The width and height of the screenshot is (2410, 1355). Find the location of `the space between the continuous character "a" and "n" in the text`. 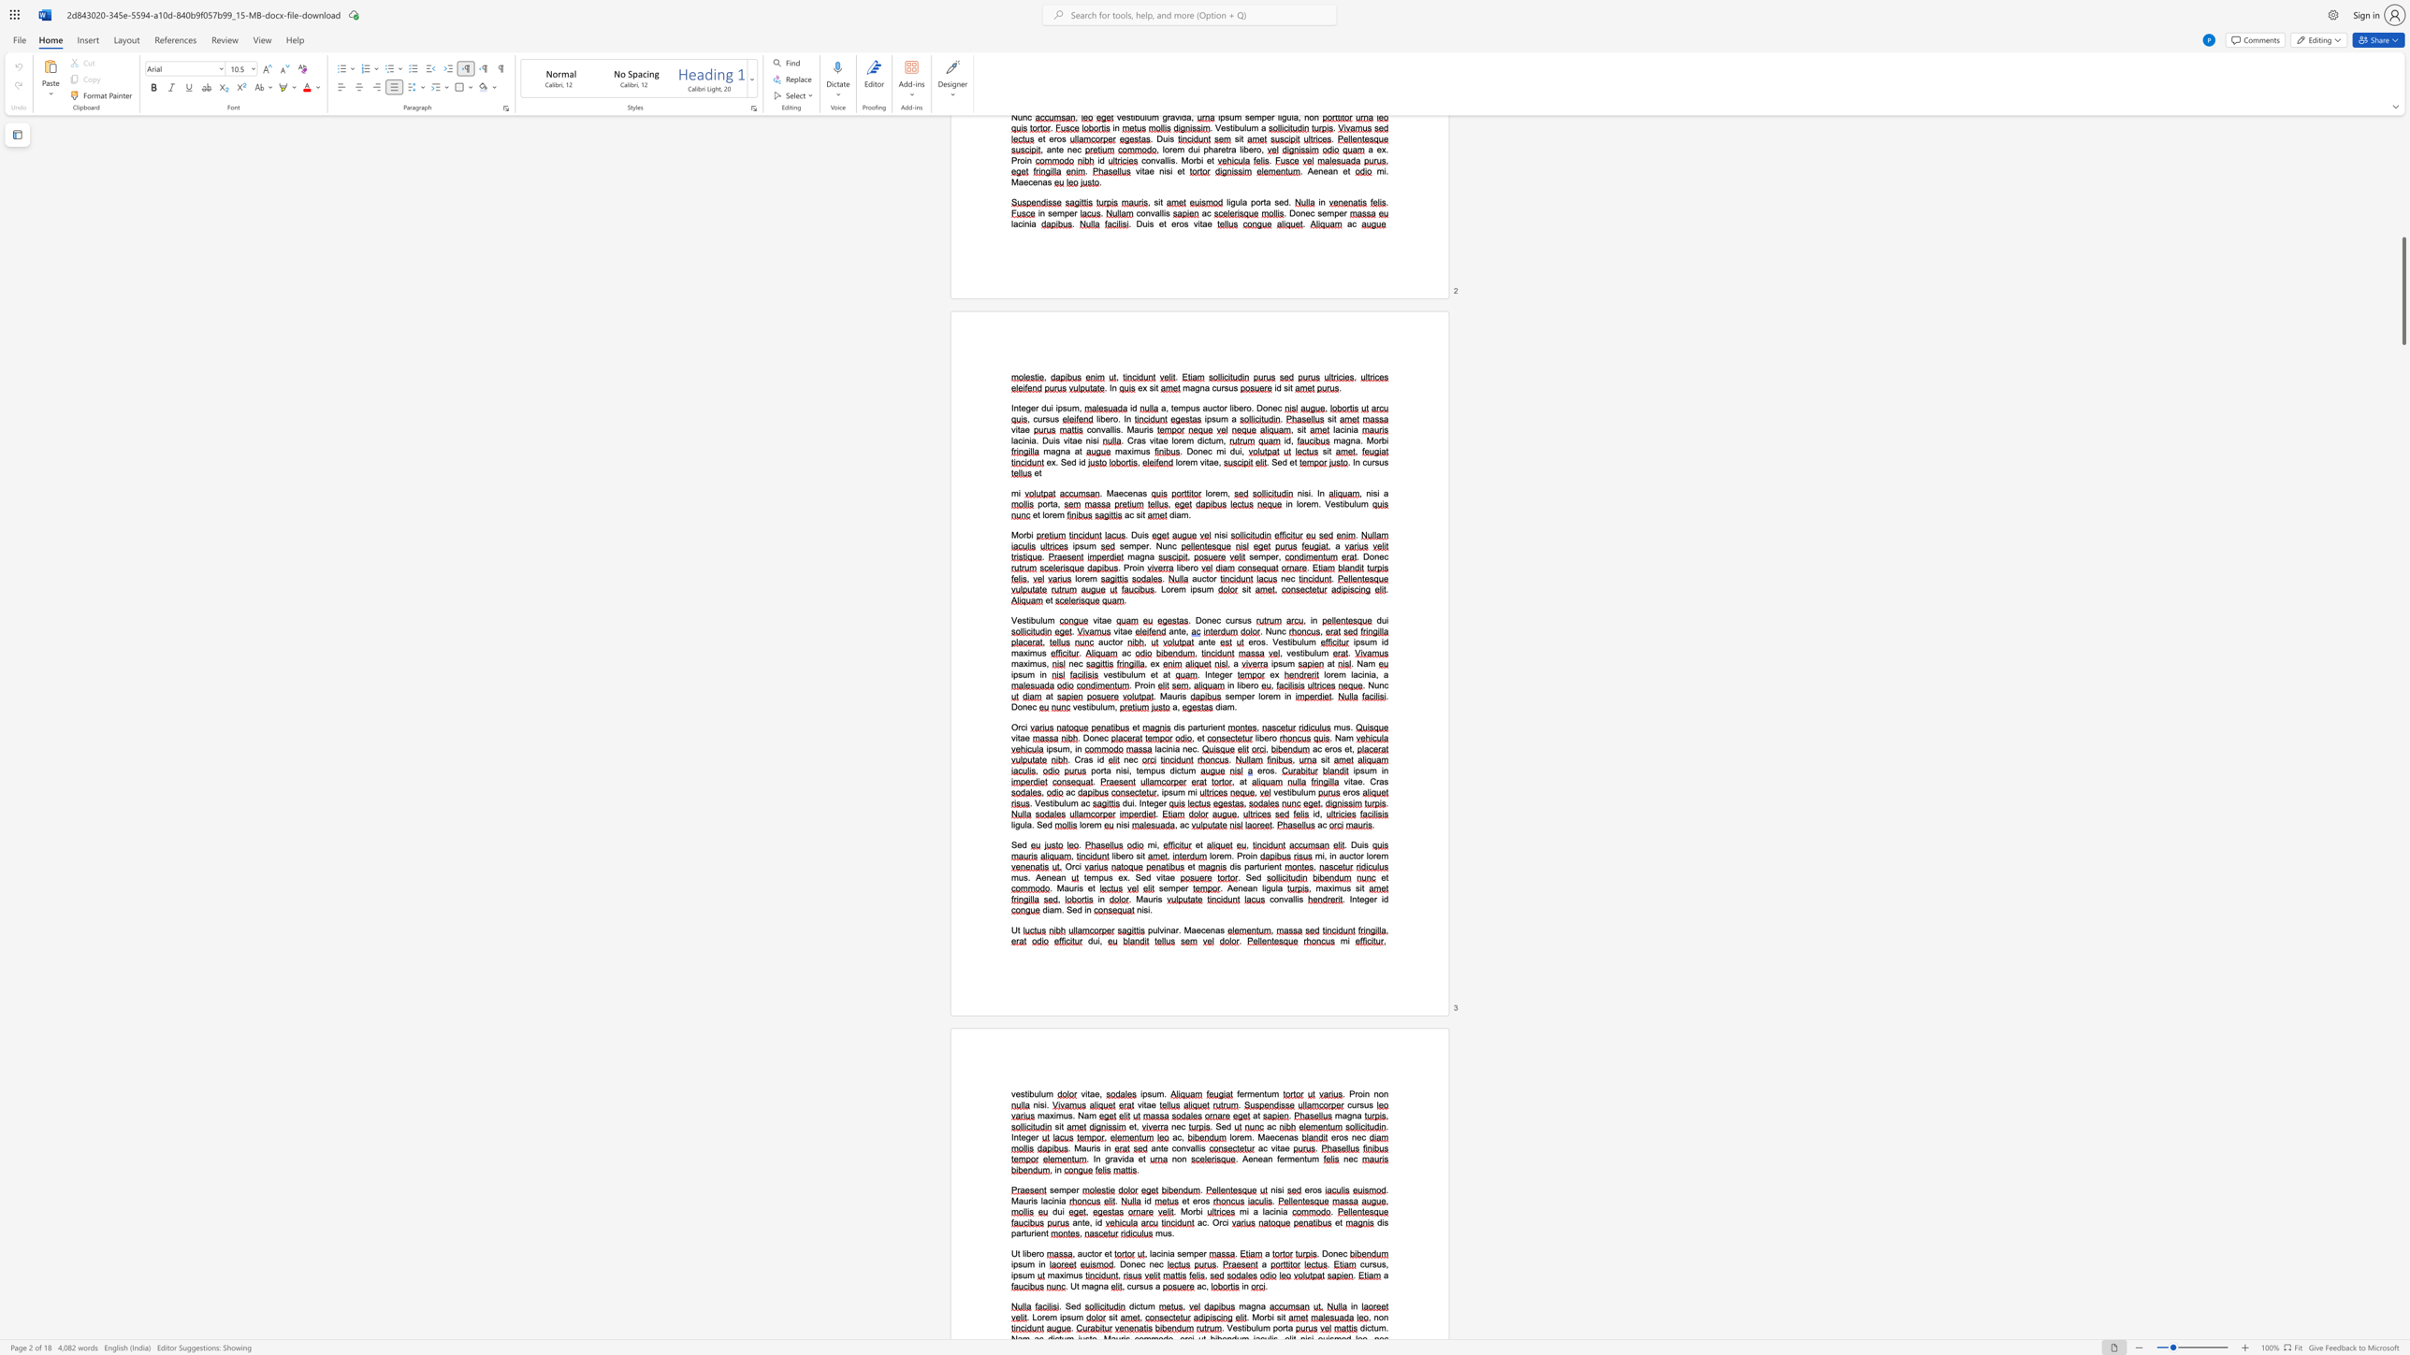

the space between the continuous character "a" and "n" in the text is located at coordinates (1076, 1222).